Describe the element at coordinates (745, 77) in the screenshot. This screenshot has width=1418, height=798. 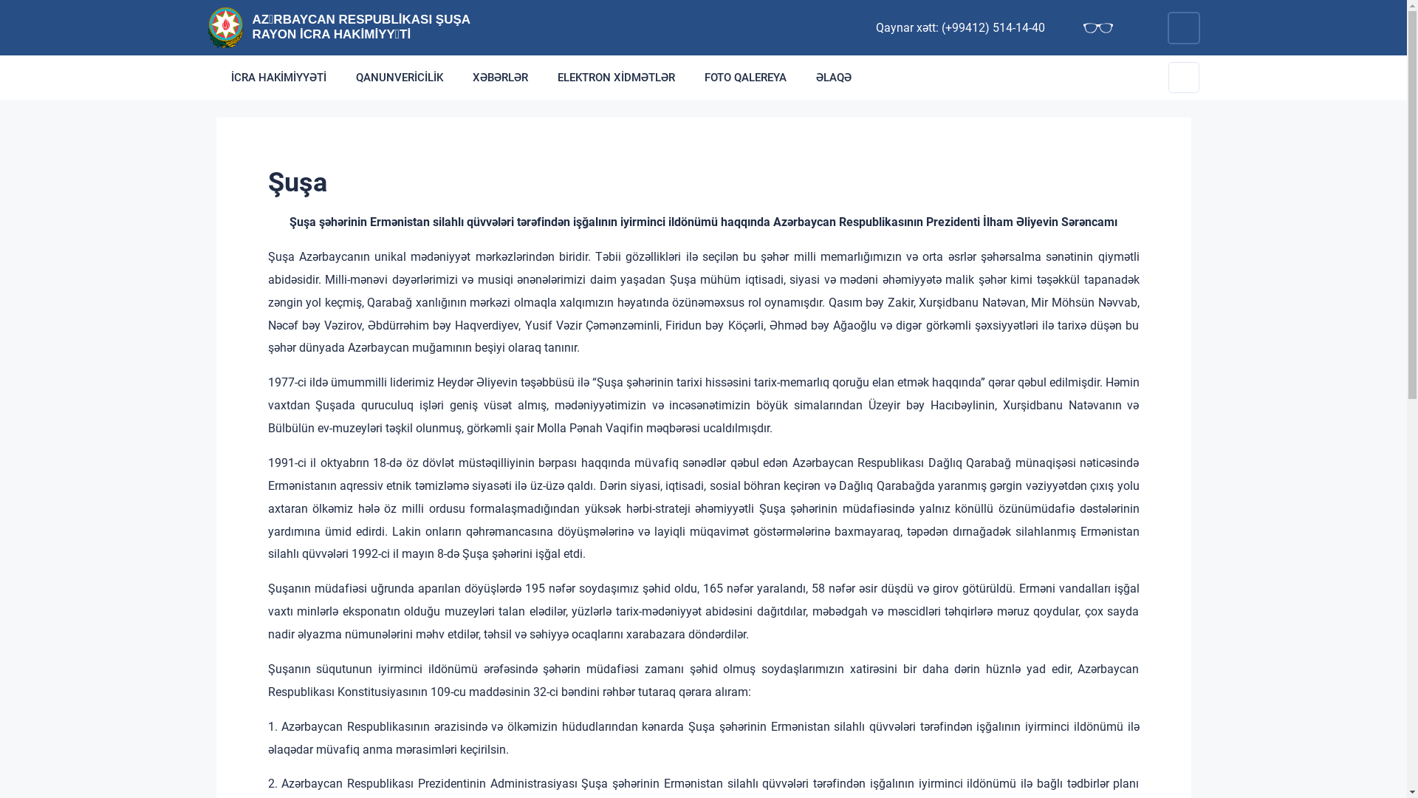
I see `'FOTO QALEREYA'` at that location.